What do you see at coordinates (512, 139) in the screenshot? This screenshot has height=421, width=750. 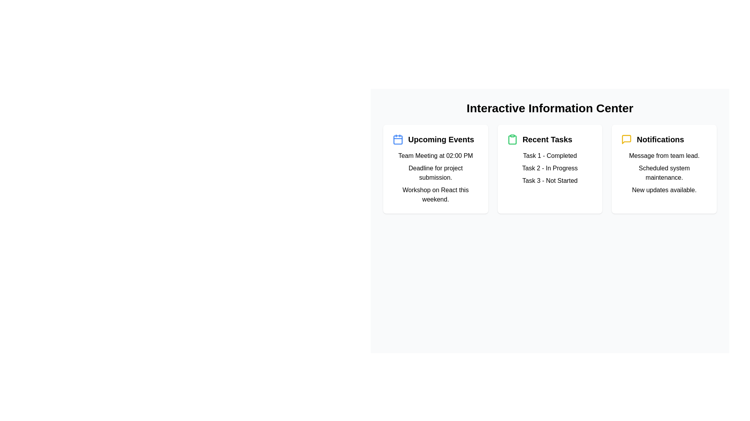 I see `the green clipboard icon located in the 'Recent Tasks' section, immediately to the left of the 'Recent Tasks' header text` at bounding box center [512, 139].